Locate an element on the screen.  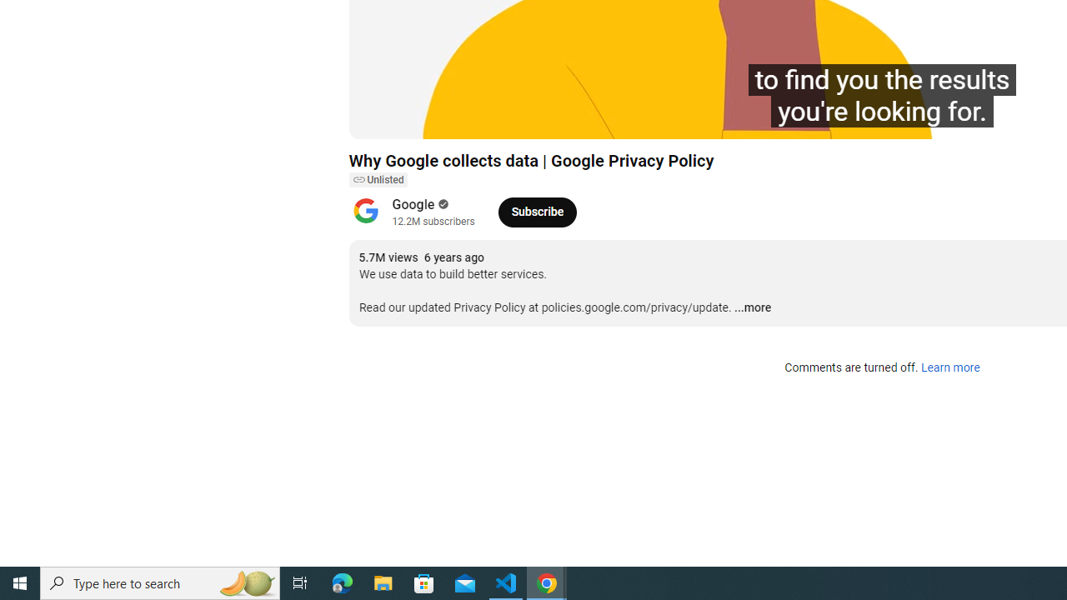
'Subscribe to Google.' is located at coordinates (537, 211).